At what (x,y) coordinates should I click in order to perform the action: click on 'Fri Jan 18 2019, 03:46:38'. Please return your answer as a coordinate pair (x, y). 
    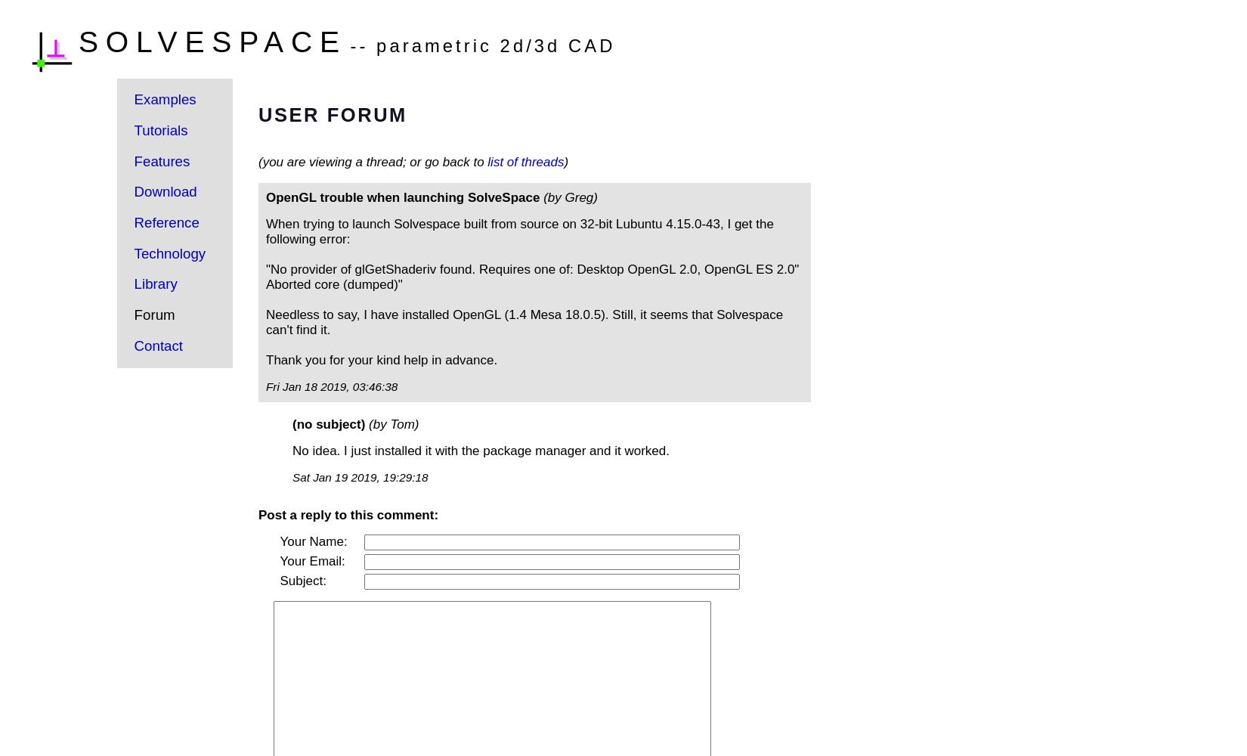
    Looking at the image, I should click on (331, 386).